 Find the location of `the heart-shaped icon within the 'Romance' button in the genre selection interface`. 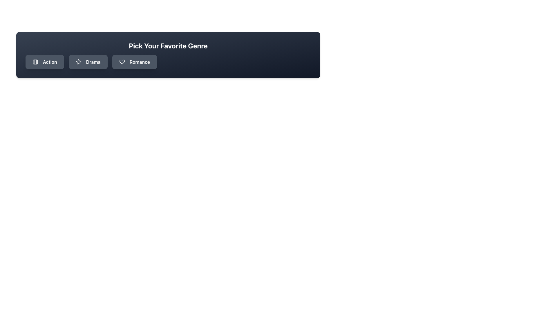

the heart-shaped icon within the 'Romance' button in the genre selection interface is located at coordinates (122, 62).